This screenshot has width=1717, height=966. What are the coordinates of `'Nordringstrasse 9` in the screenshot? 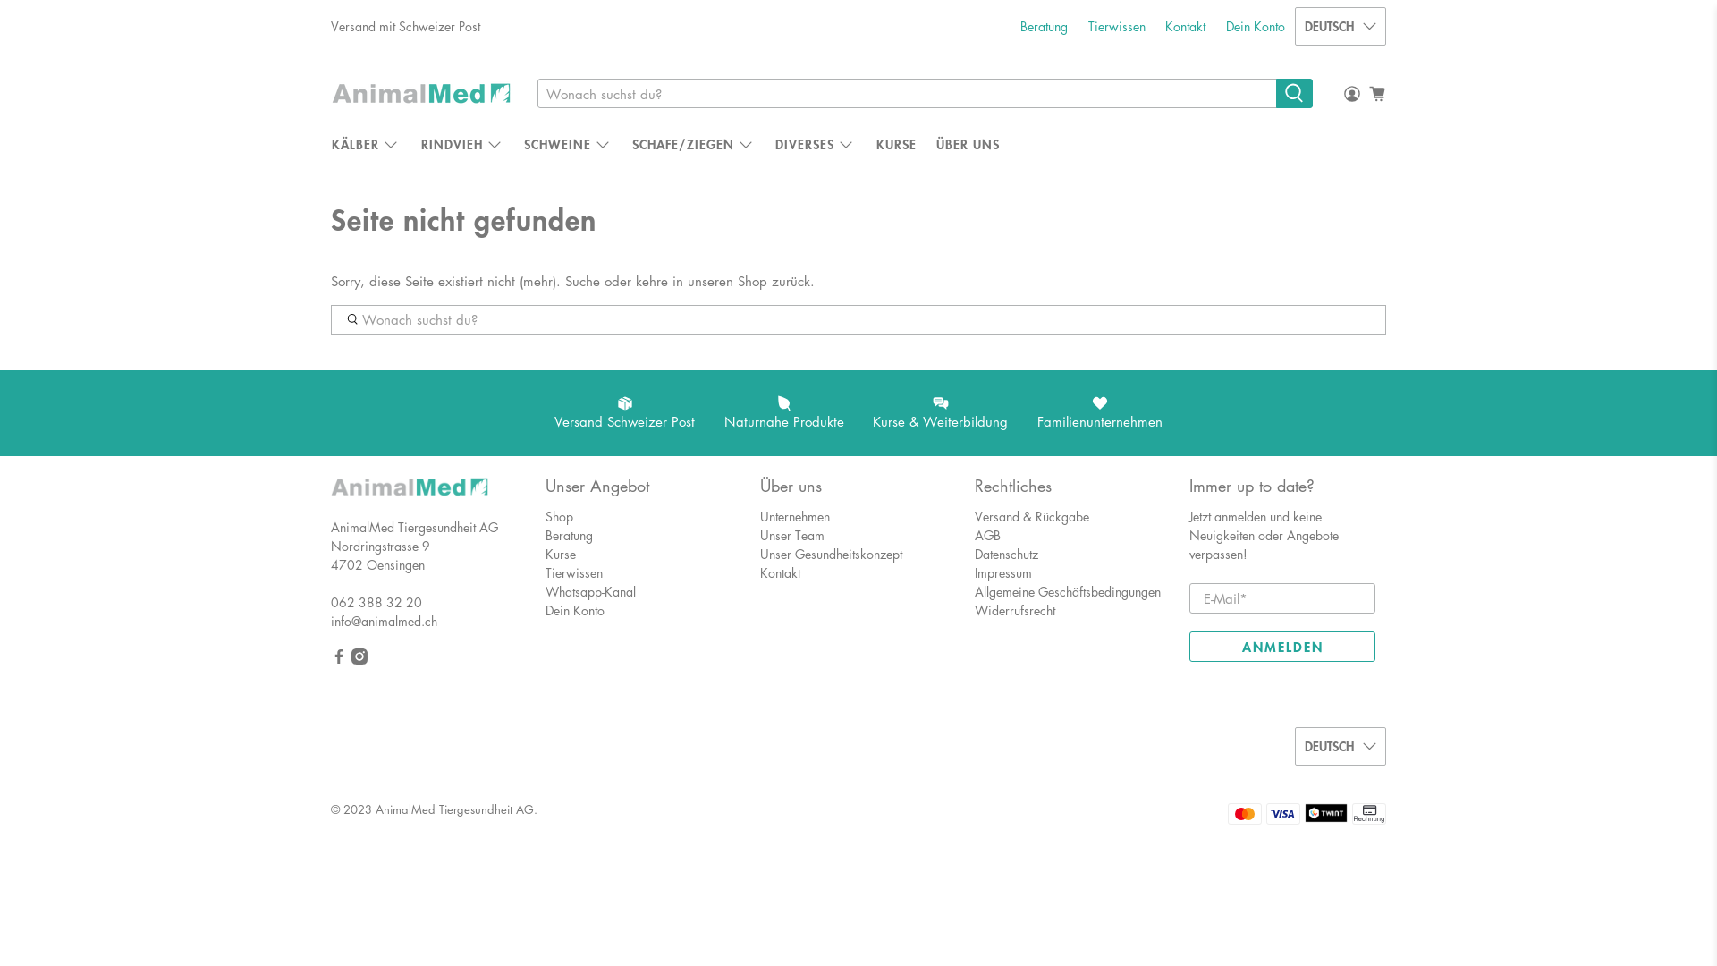 It's located at (379, 554).